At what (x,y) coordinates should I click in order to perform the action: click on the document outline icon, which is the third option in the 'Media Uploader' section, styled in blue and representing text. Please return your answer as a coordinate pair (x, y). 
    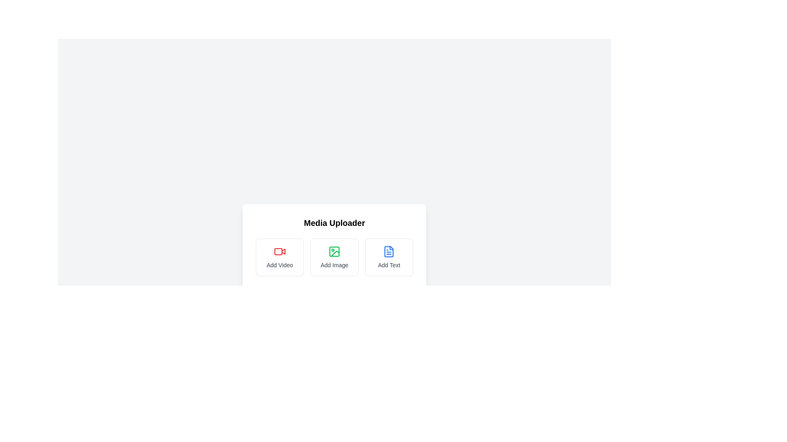
    Looking at the image, I should click on (389, 251).